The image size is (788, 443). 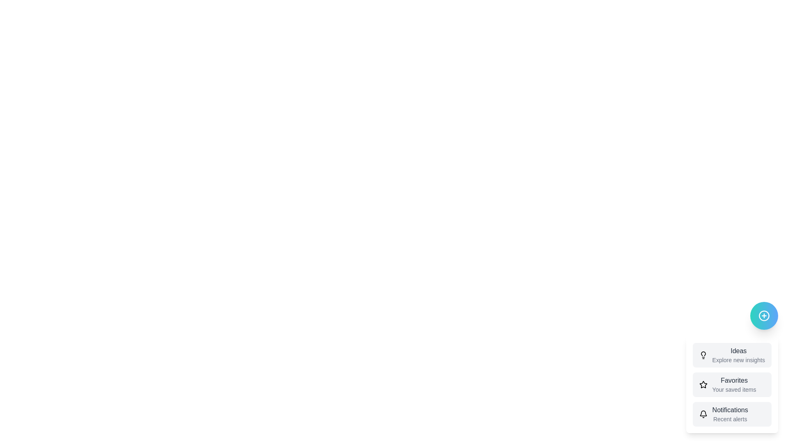 What do you see at coordinates (734, 381) in the screenshot?
I see `the 'Favorites' label, which is a medium-sized dark gray text label located in the right-bottom floating menu, between the 'Ideas' and 'Notifications' sections` at bounding box center [734, 381].